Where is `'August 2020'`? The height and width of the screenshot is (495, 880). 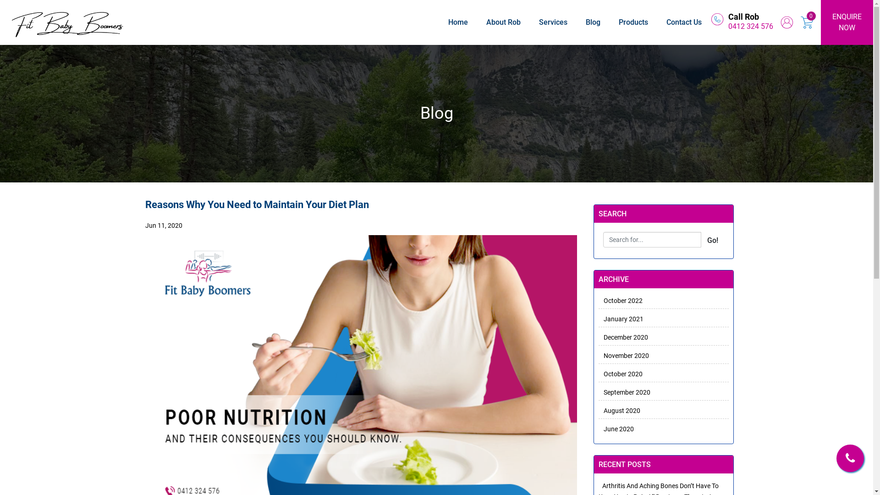
'August 2020' is located at coordinates (619, 410).